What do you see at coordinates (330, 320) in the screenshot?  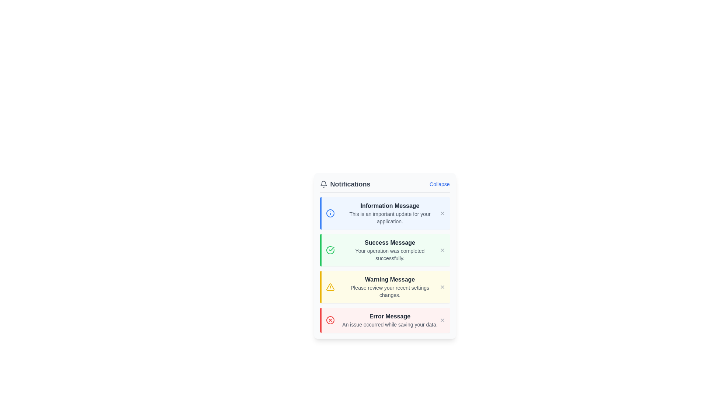 I see `the circular graphic icon with a red cross marking, located at the leftmost side of the 'Error Message' notification box` at bounding box center [330, 320].